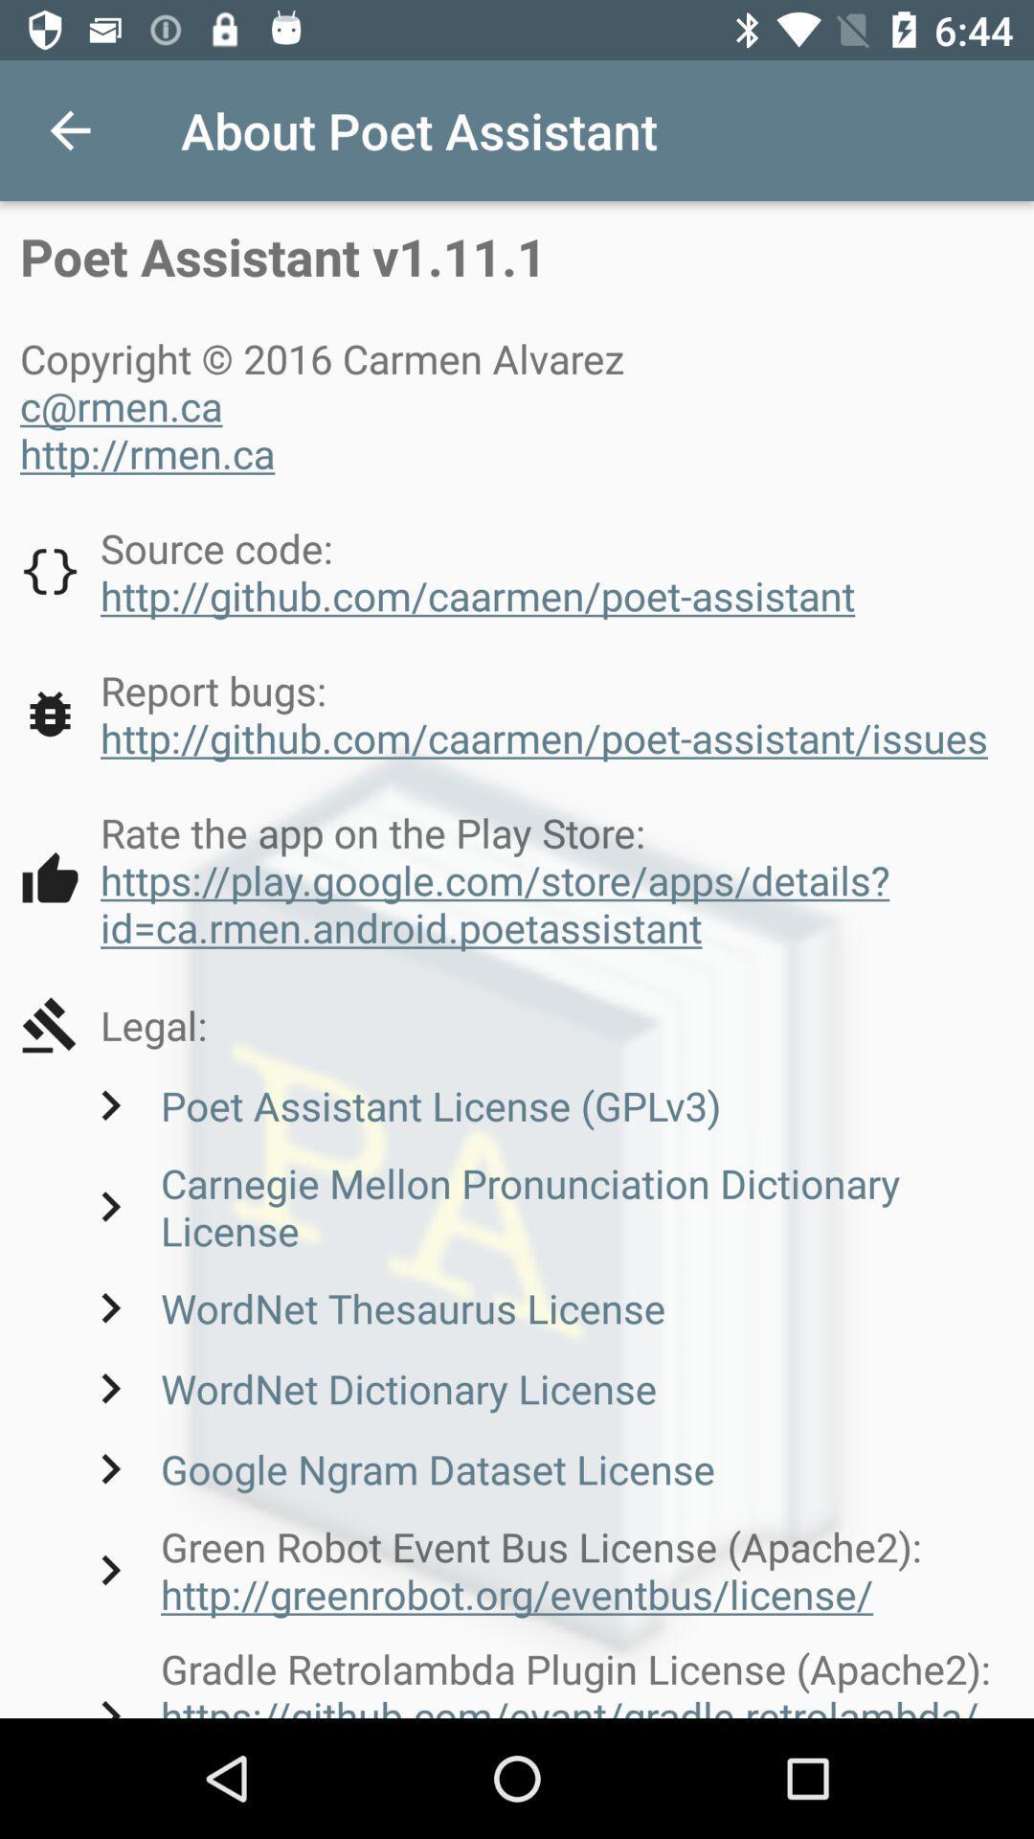 This screenshot has width=1034, height=1839. Describe the element at coordinates (547, 1205) in the screenshot. I see `carnegie mellon pronunciation` at that location.